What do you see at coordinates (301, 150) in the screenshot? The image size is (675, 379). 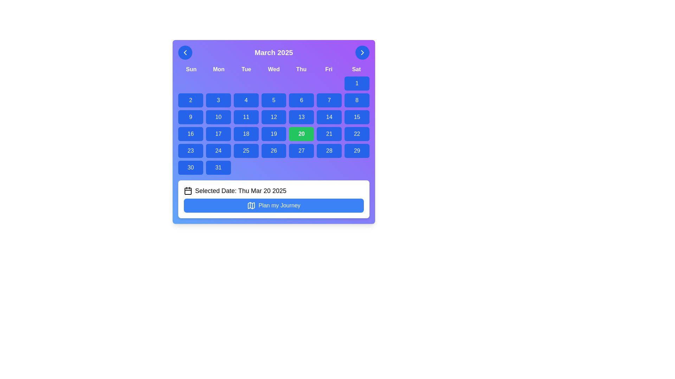 I see `the blue button labeled '27'` at bounding box center [301, 150].